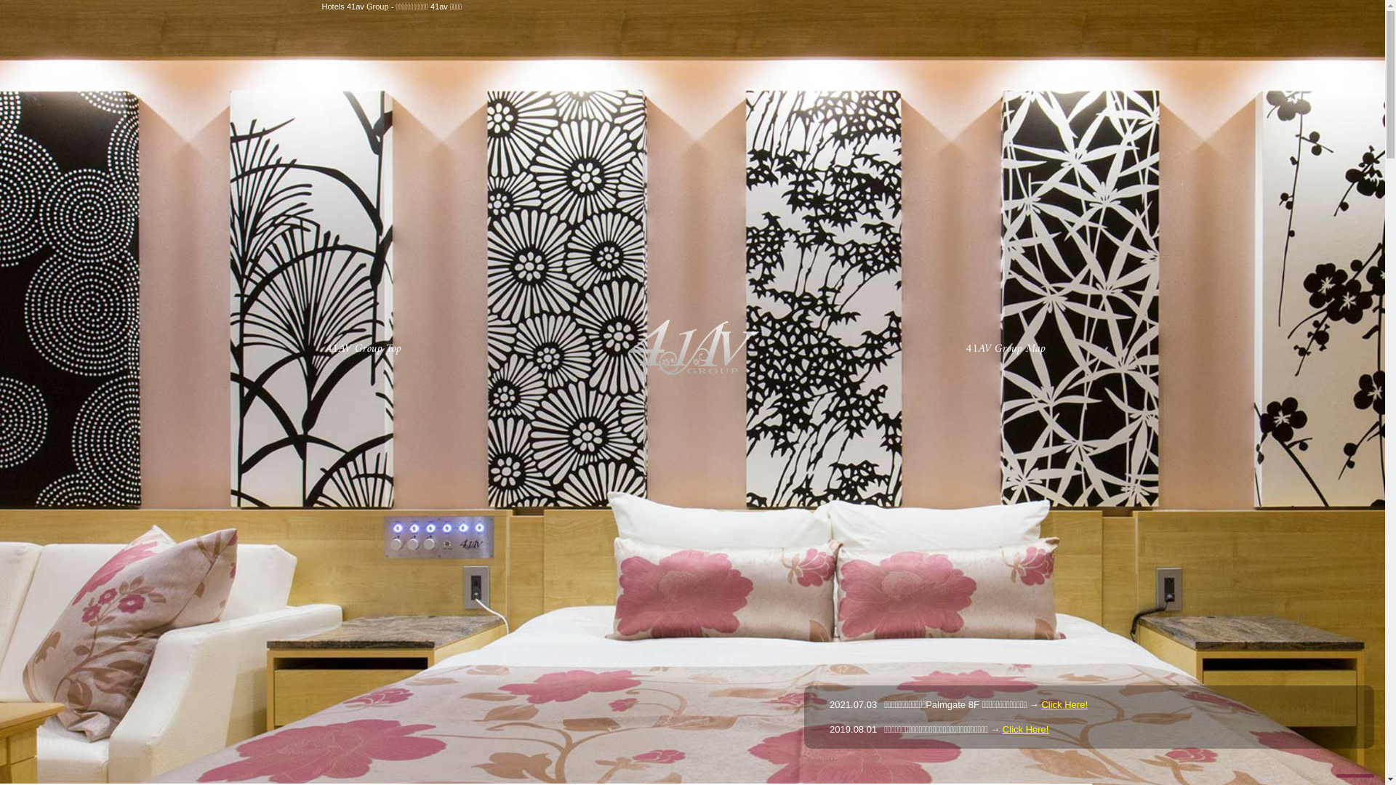 The width and height of the screenshot is (1396, 785). What do you see at coordinates (361, 348) in the screenshot?
I see `'41AV Group Top'` at bounding box center [361, 348].